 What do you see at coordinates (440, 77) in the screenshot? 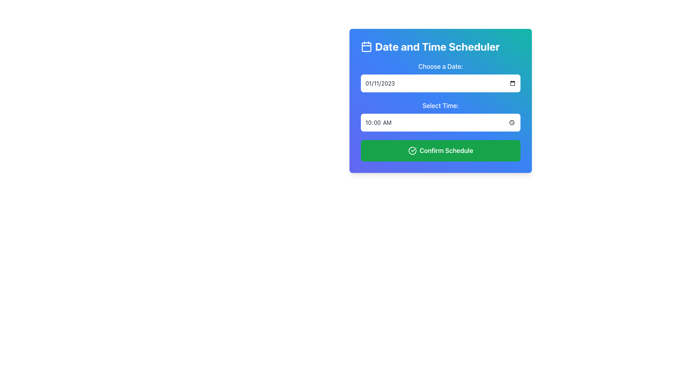
I see `the label displaying 'Choose a Date:' which is located above the date input box in the 'Date and Time Scheduler' panel` at bounding box center [440, 77].